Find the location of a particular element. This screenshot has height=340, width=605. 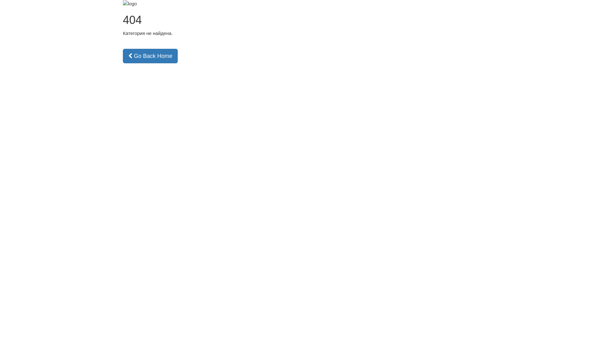

'Go Back Home' is located at coordinates (150, 55).